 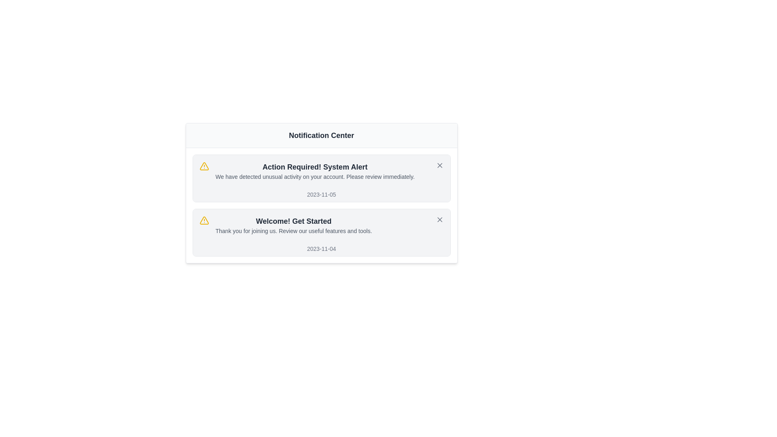 I want to click on text displayed in the label showing the date '2023-11-05', which is located near the bottom-right corner of the 'Action Required! System Alert' notification, so click(x=321, y=195).